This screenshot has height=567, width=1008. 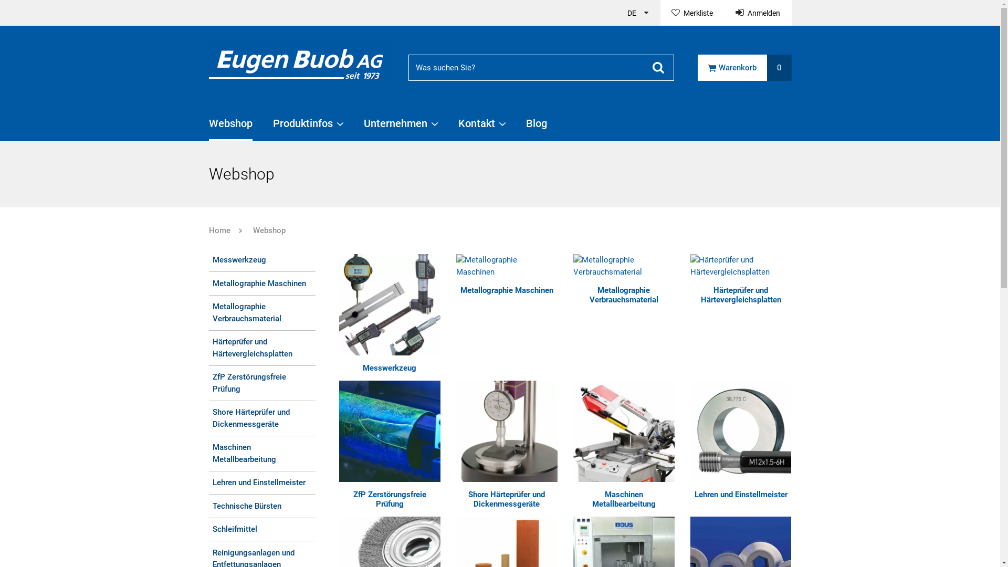 I want to click on 'Kontakt', so click(x=480, y=127).